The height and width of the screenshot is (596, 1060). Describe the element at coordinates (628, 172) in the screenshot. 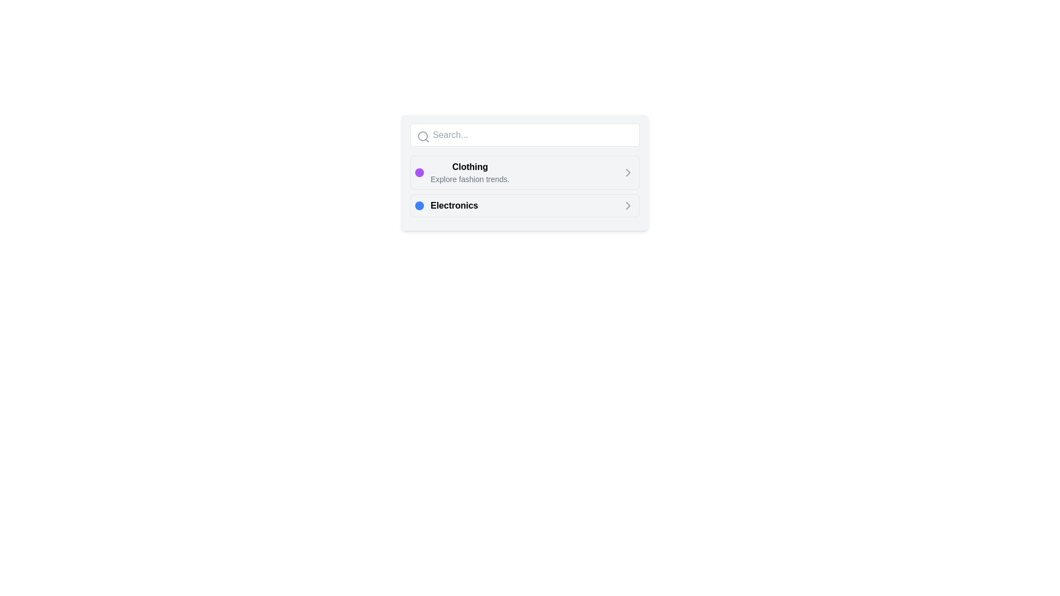

I see `the right-pointing arrow icon, which is part of the 'Clothing' options layout` at that location.